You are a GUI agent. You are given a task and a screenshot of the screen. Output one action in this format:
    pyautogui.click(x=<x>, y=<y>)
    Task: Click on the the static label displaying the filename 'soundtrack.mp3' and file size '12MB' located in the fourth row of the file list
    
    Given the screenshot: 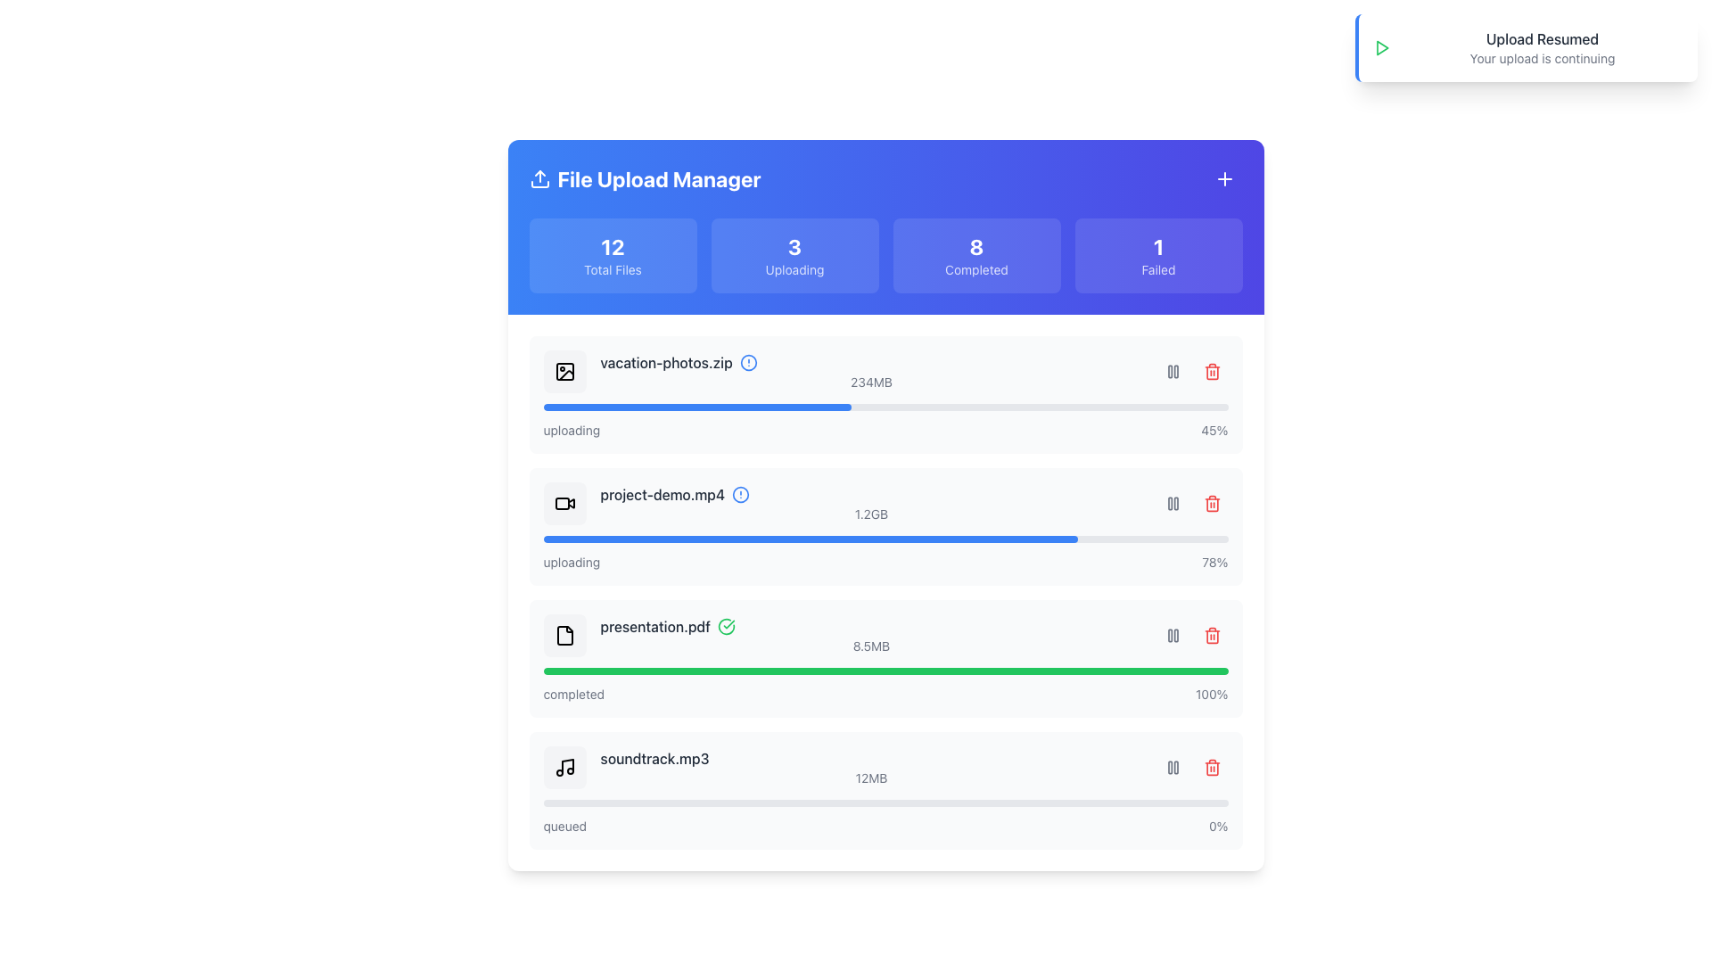 What is the action you would take?
    pyautogui.click(x=871, y=766)
    